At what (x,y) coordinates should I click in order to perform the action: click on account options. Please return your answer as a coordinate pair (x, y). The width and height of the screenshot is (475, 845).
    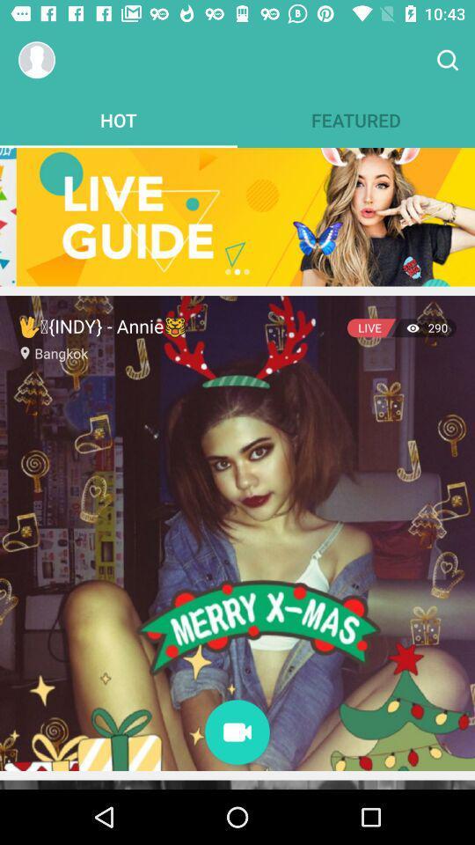
    Looking at the image, I should click on (37, 60).